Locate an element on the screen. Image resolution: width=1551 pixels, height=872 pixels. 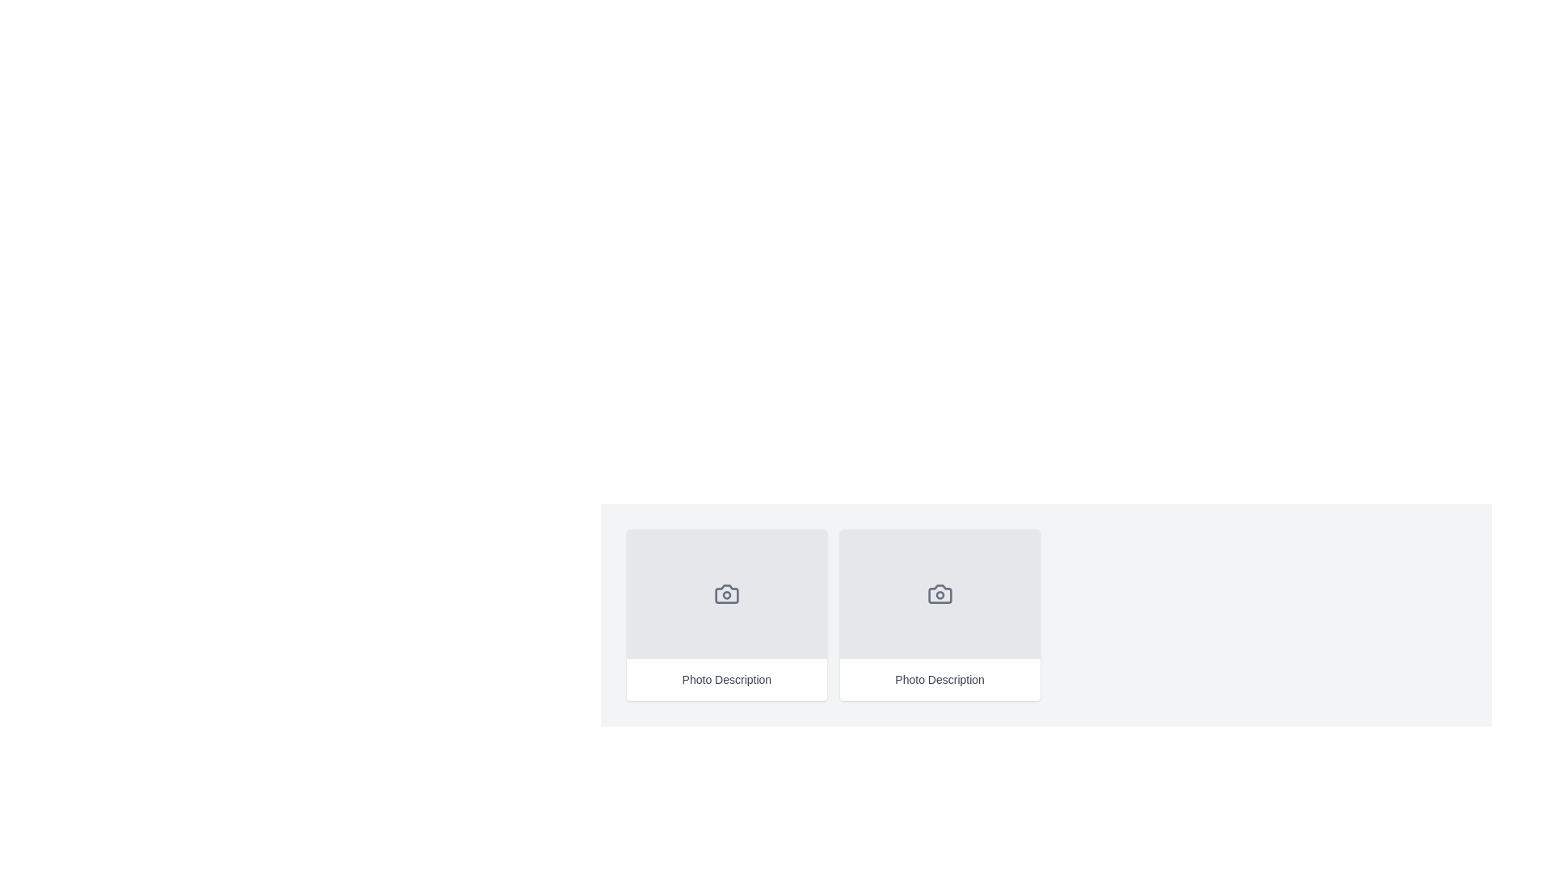
the text content of the descriptive label located in the footer of the second card in a horizontally aligned card layout is located at coordinates (939, 679).